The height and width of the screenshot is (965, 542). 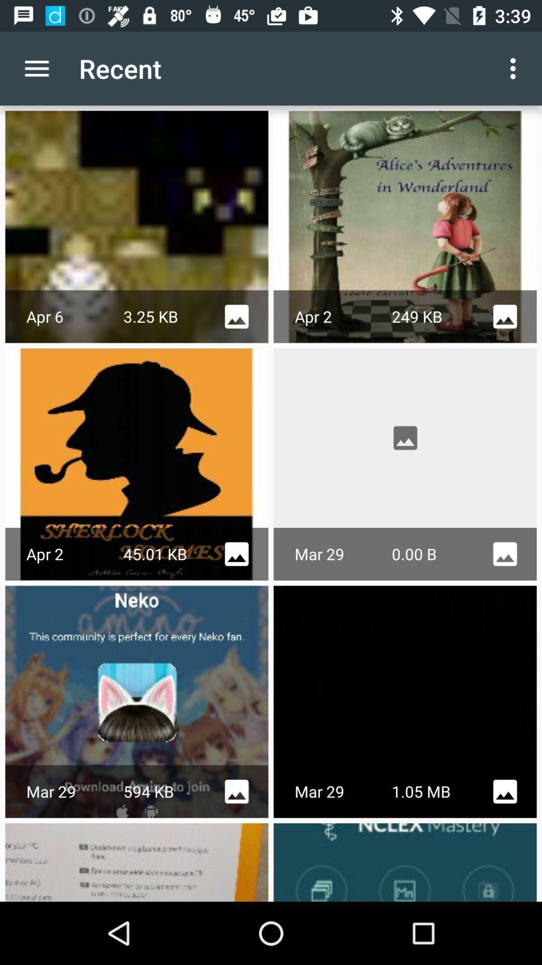 What do you see at coordinates (36, 68) in the screenshot?
I see `the app next to recent` at bounding box center [36, 68].